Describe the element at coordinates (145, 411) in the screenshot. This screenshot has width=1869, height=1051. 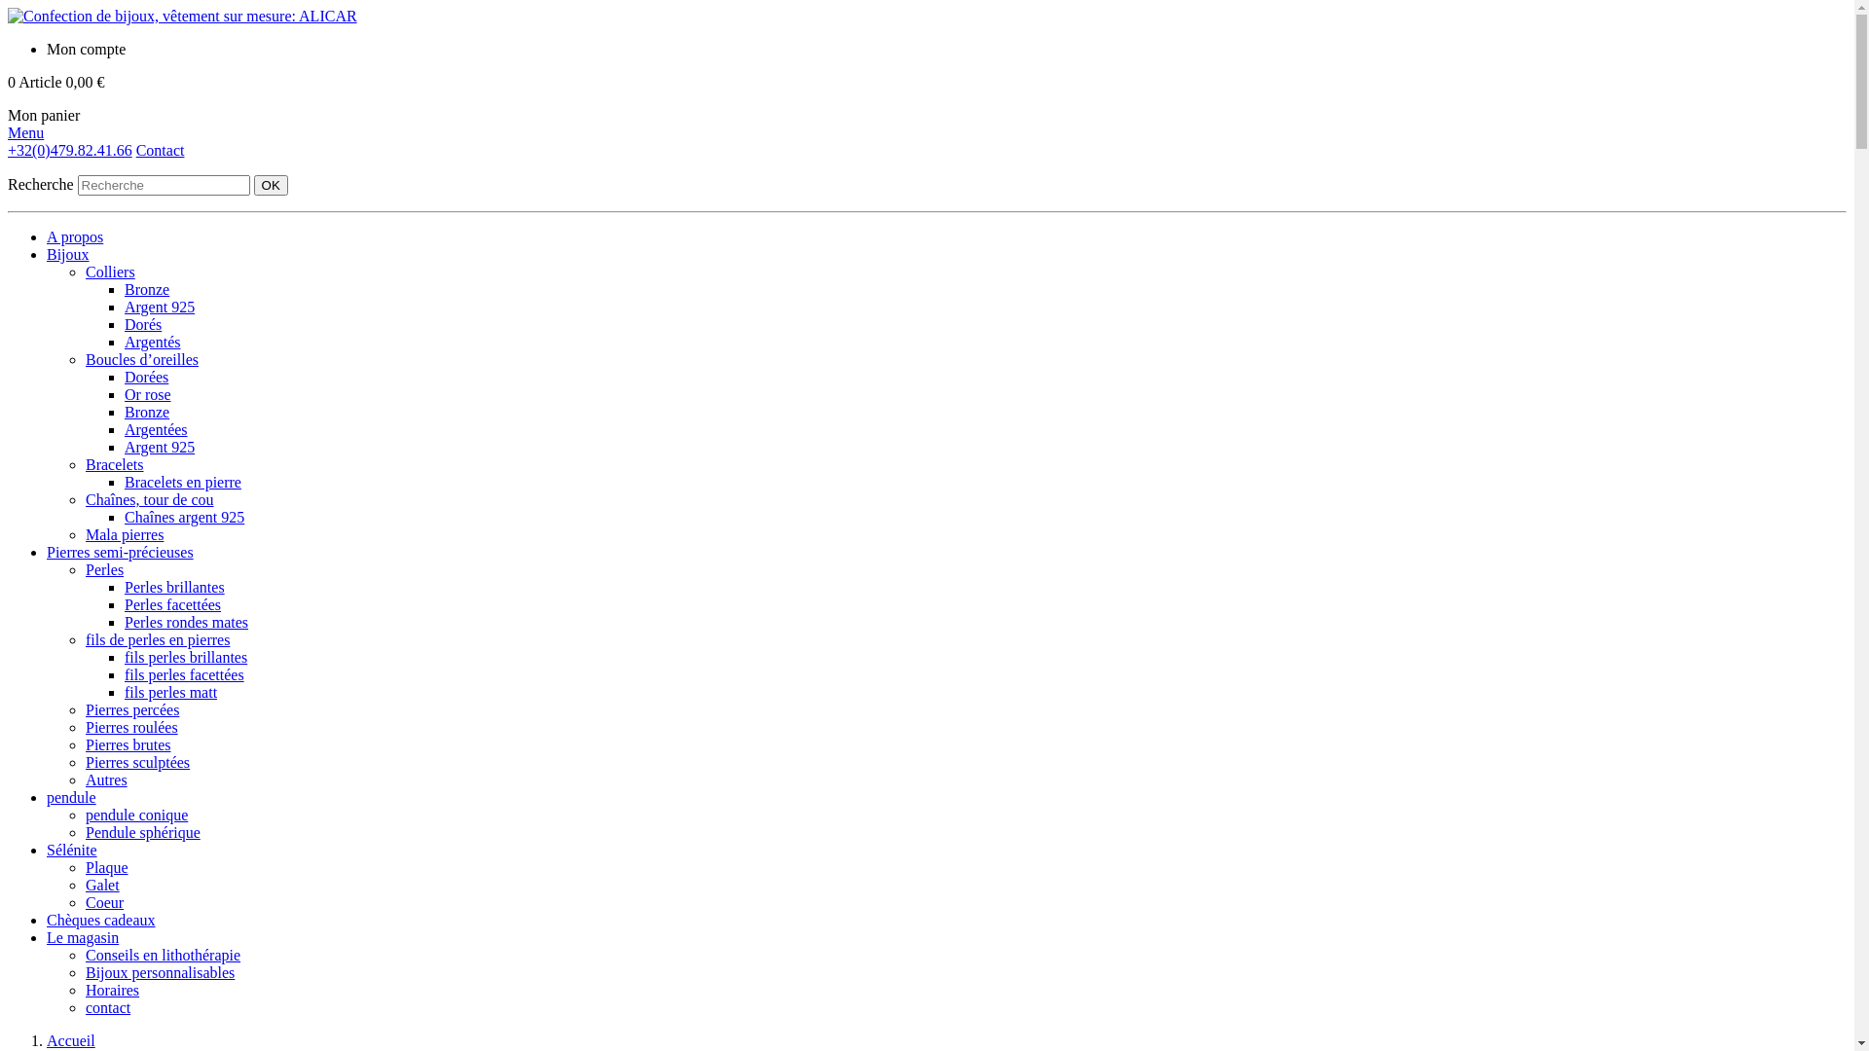
I see `'Bronze'` at that location.